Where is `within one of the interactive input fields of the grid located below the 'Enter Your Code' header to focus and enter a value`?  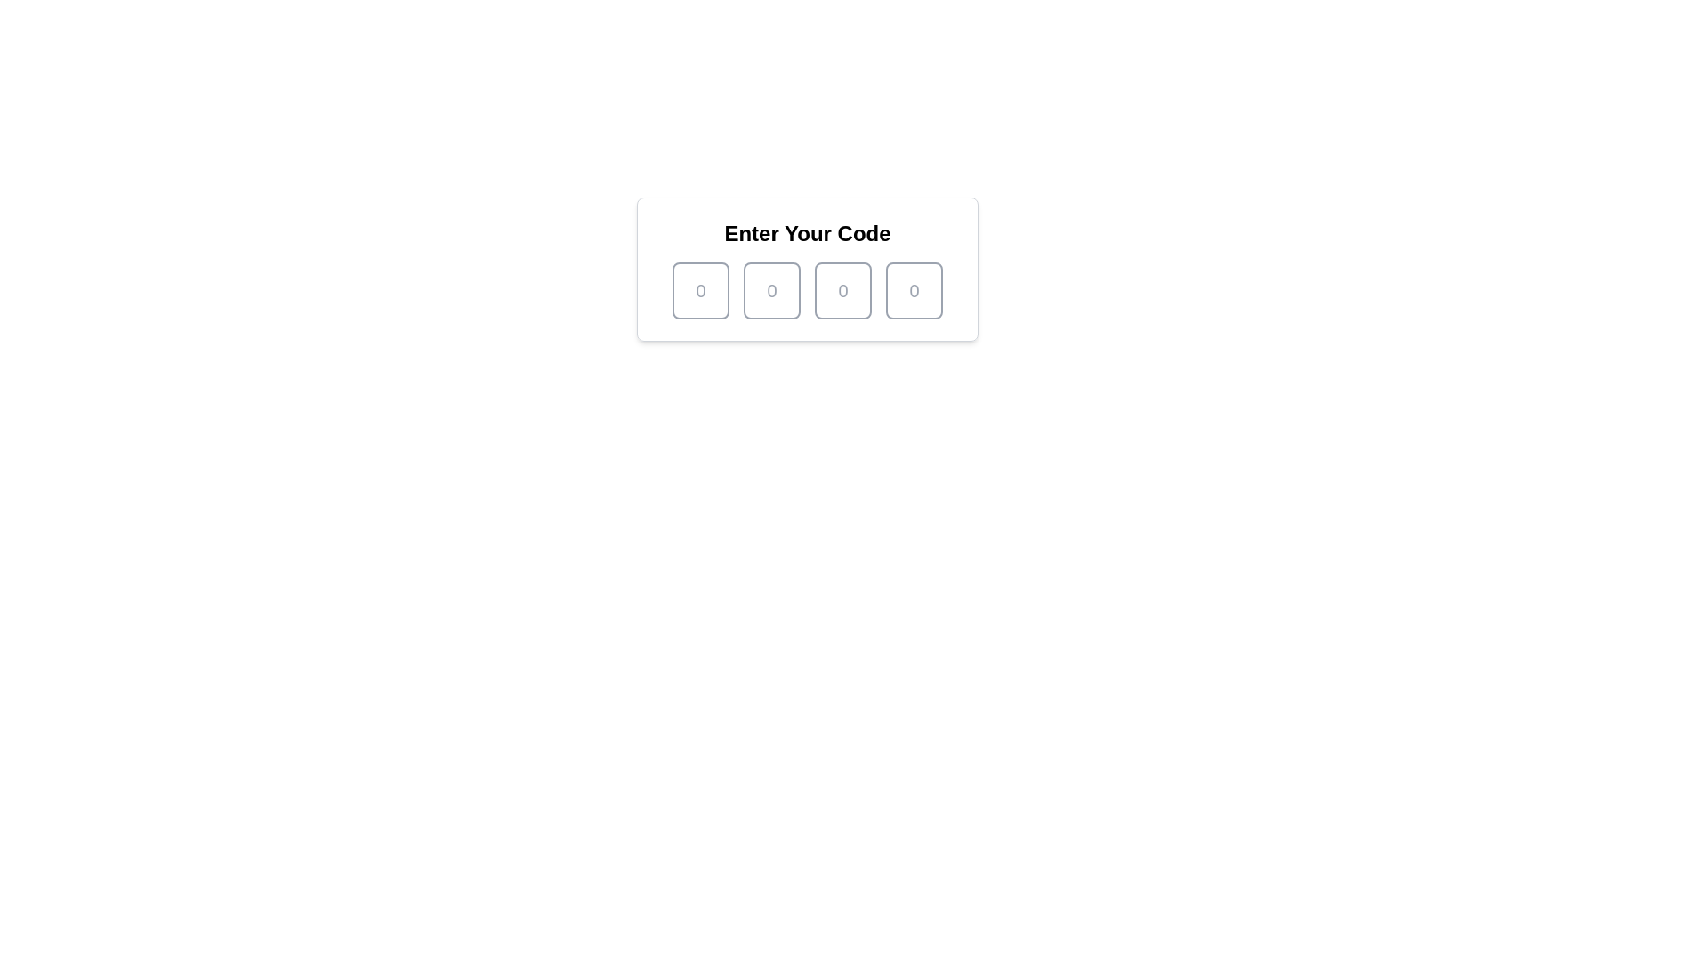
within one of the interactive input fields of the grid located below the 'Enter Your Code' header to focus and enter a value is located at coordinates (806, 290).